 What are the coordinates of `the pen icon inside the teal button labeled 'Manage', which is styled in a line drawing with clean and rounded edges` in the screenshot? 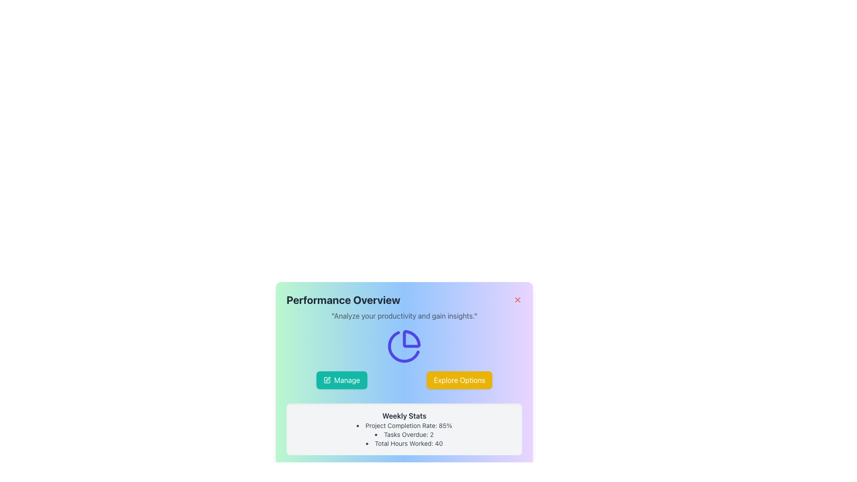 It's located at (326, 380).